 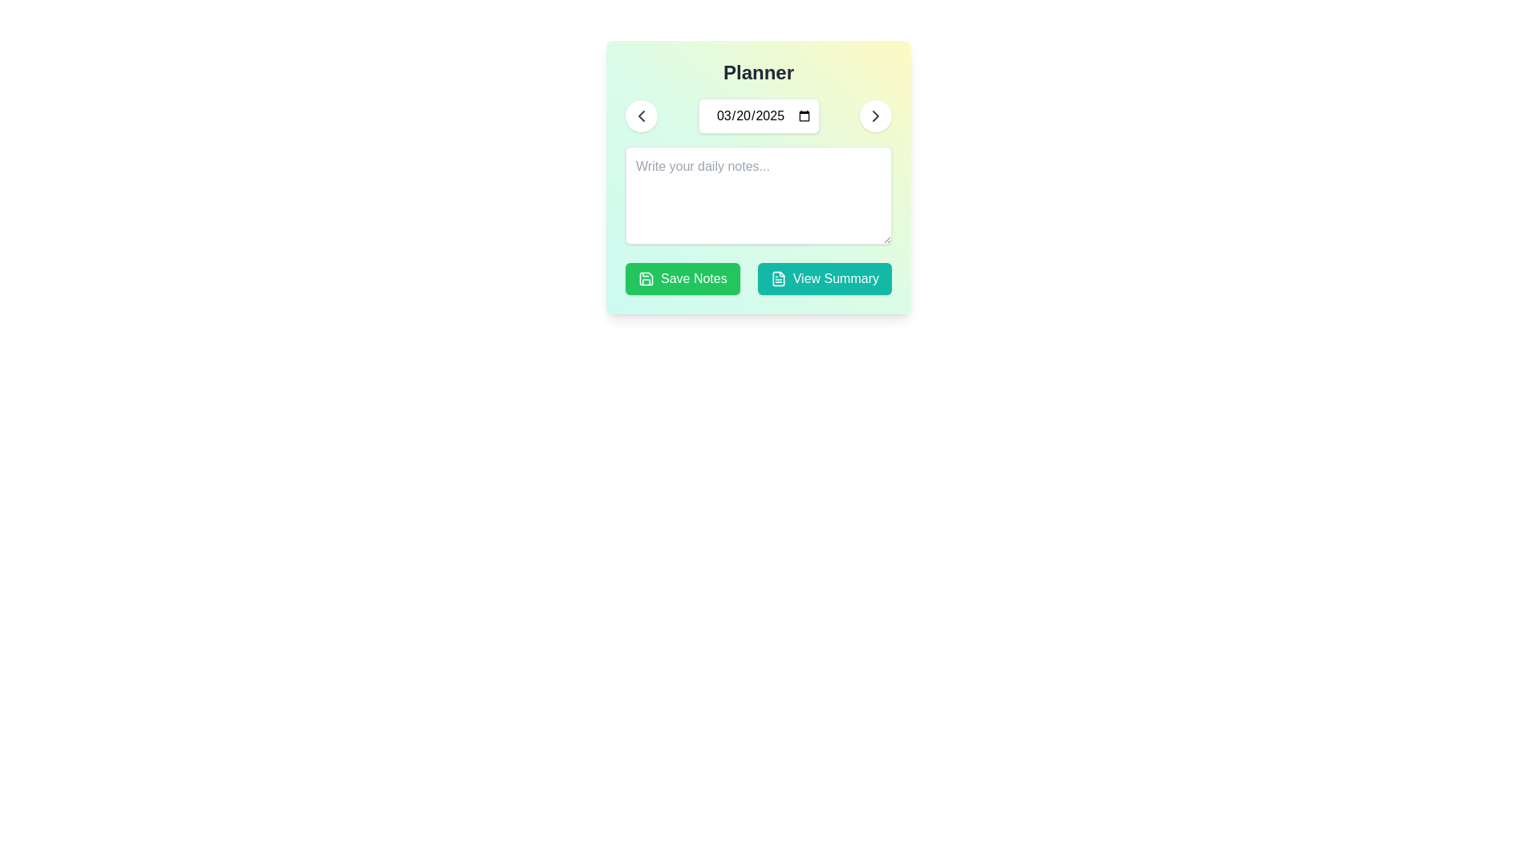 What do you see at coordinates (646, 277) in the screenshot?
I see `the 'Save Notes' icon located at the bottom left of the Planner interface` at bounding box center [646, 277].